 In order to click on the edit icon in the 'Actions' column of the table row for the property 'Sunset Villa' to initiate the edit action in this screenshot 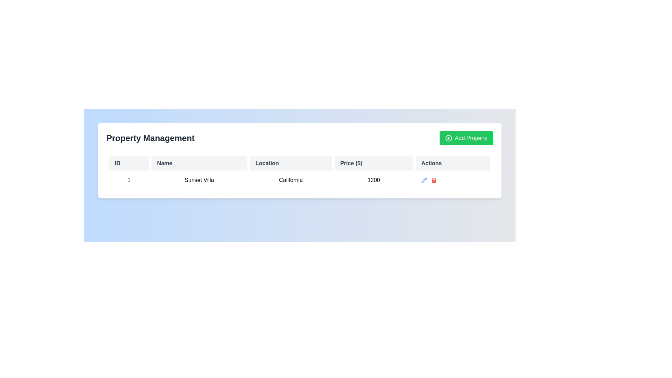, I will do `click(423, 180)`.